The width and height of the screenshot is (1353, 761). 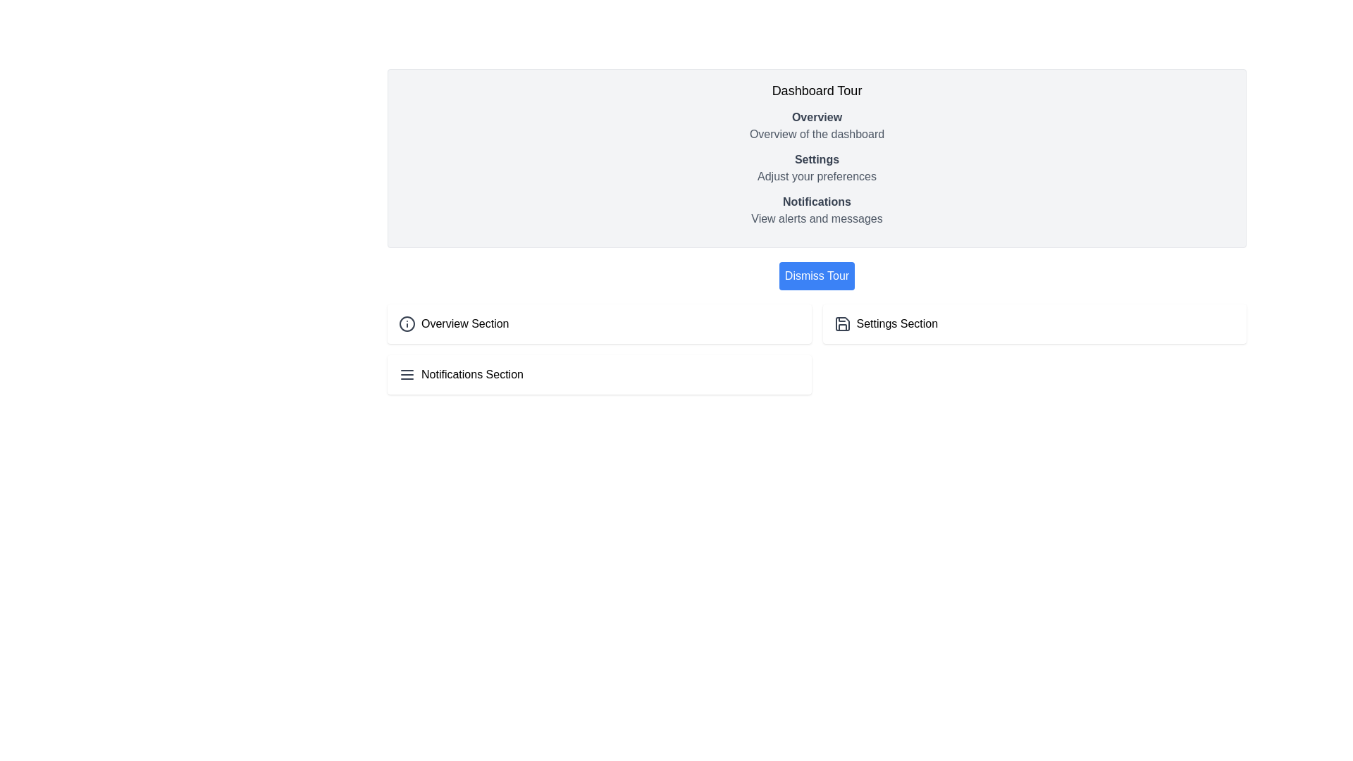 I want to click on the dismiss button below the 'Notifications: View alerts and messages' text to trigger a visual ring effect around it, so click(x=817, y=276).